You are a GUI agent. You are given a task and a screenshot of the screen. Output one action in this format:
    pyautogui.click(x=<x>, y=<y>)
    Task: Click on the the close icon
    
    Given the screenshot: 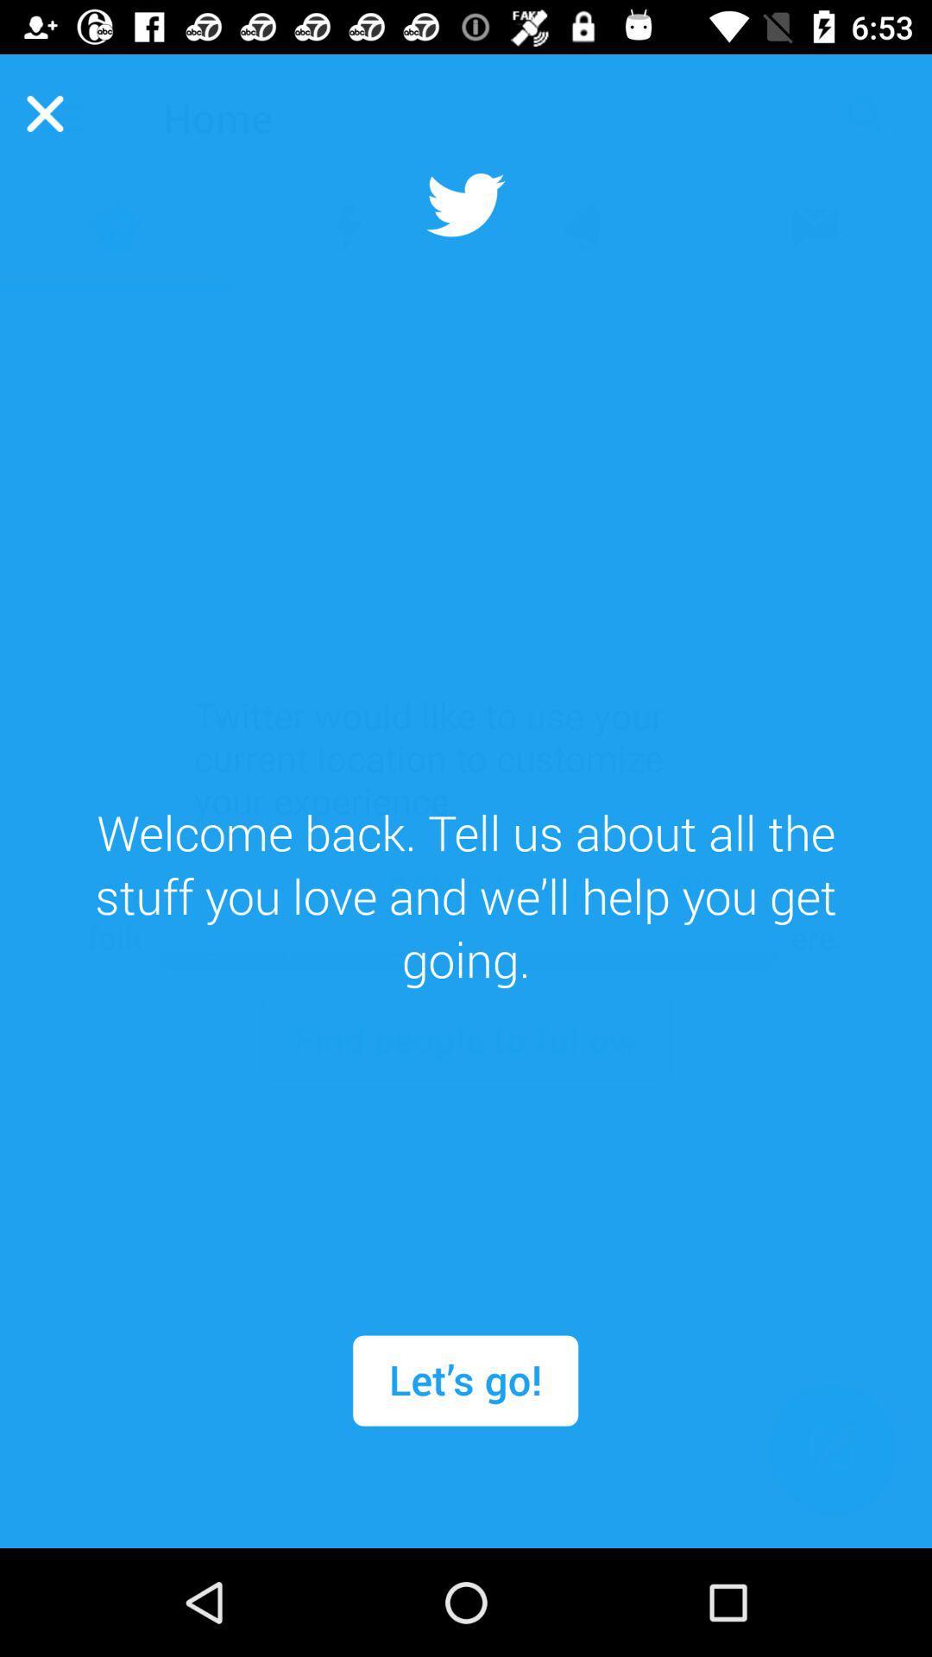 What is the action you would take?
    pyautogui.click(x=44, y=113)
    